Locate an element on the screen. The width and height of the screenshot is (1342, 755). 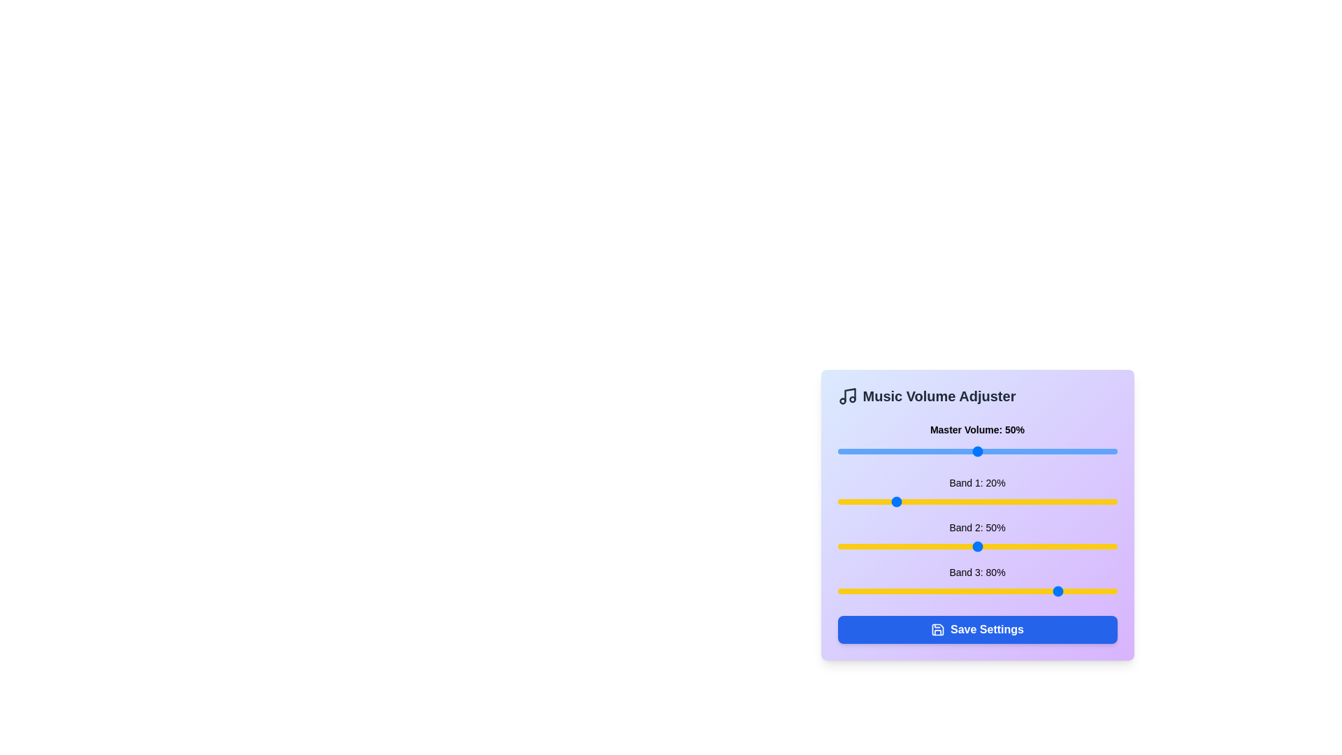
the title label for the music volume adjustment section, located at the top of the settings card component is located at coordinates (976, 396).